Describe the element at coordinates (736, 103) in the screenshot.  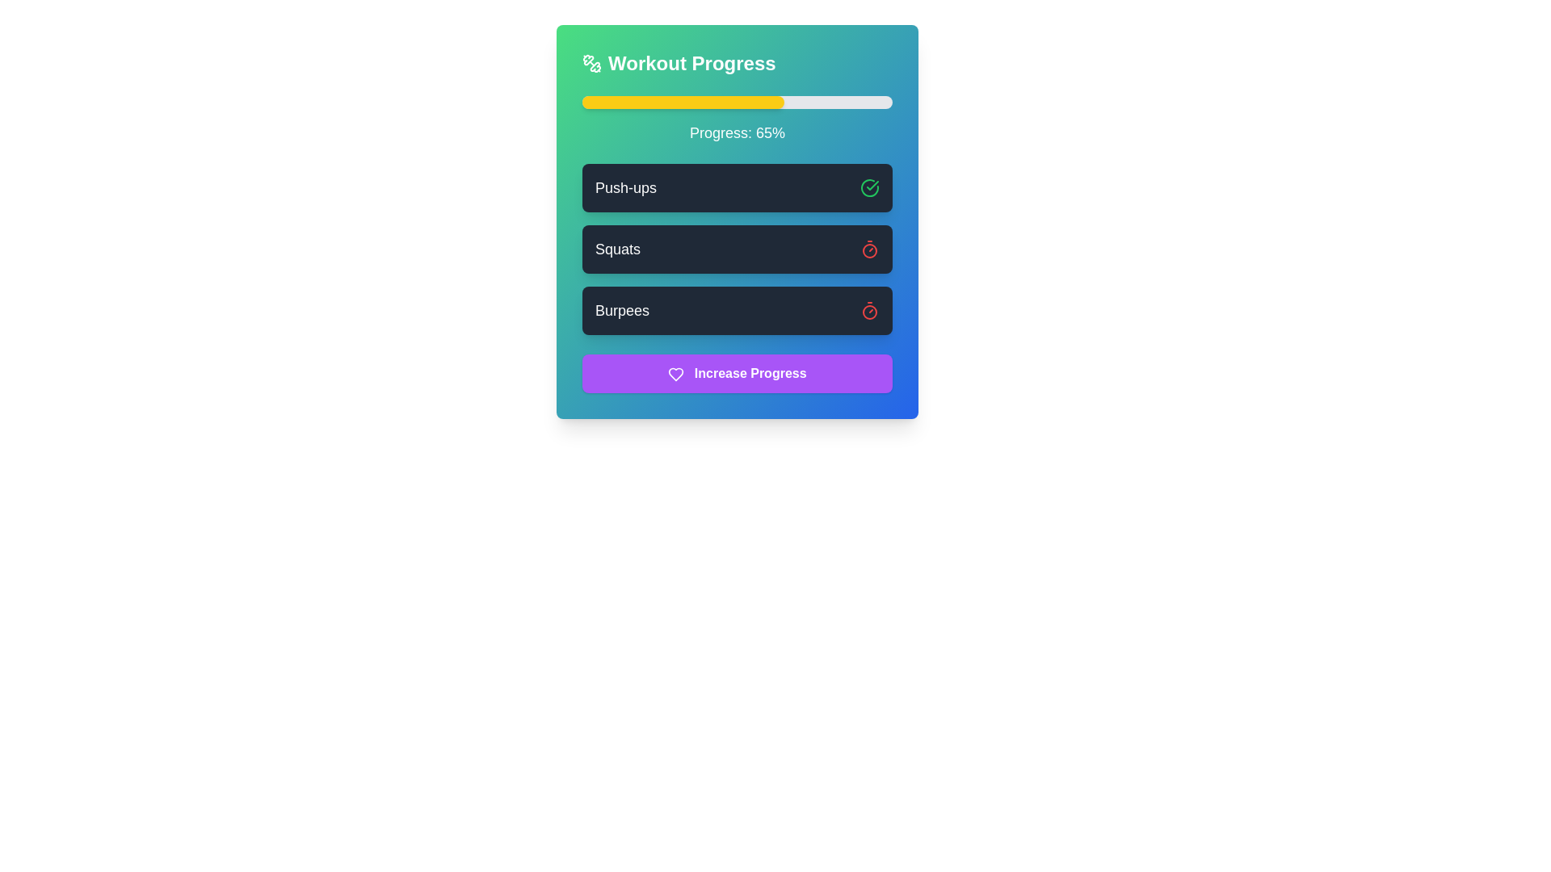
I see `the Progress Bar that visually represents 65% progress, located under the 'Workout Progress' header and above the text 'Progress: 65%'` at that location.